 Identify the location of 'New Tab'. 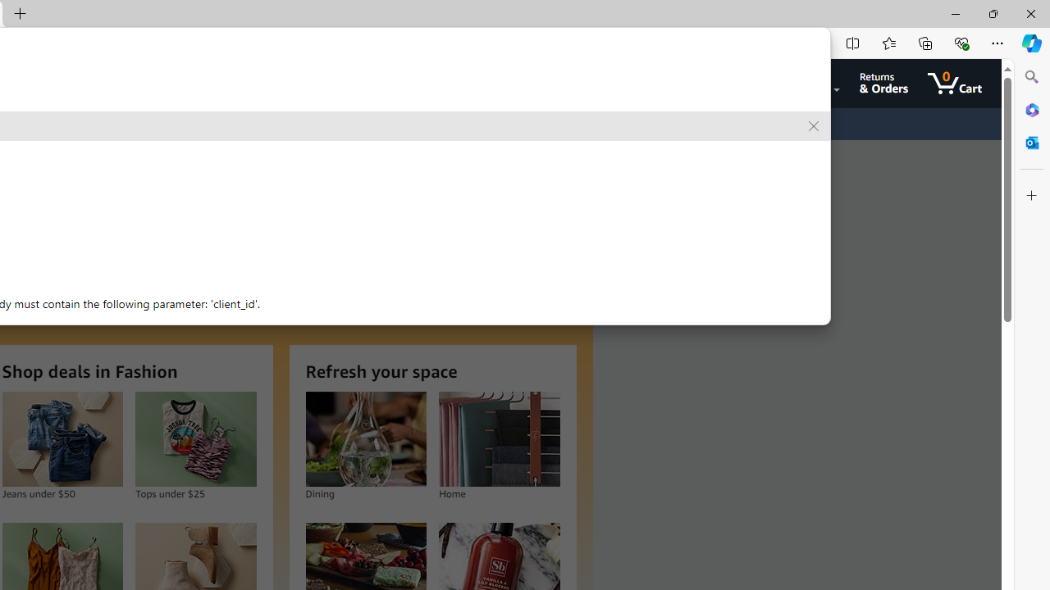
(20, 14).